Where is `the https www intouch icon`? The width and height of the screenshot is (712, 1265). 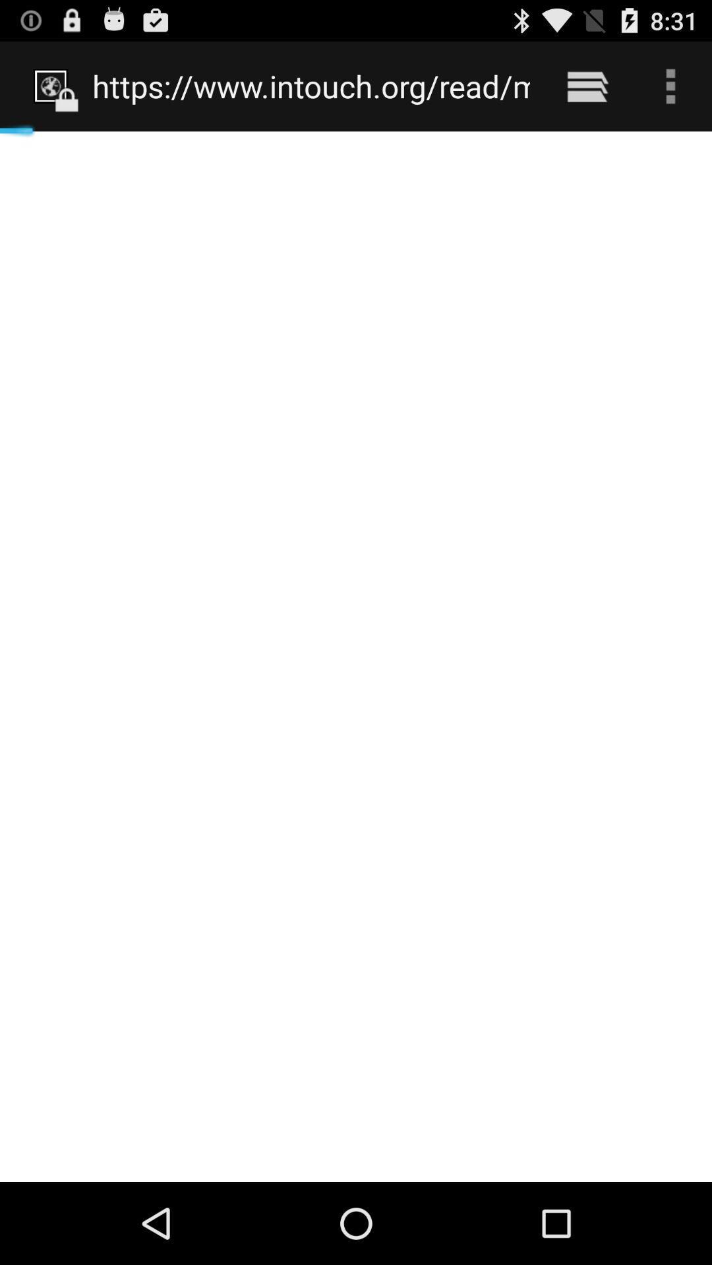 the https www intouch icon is located at coordinates (311, 86).